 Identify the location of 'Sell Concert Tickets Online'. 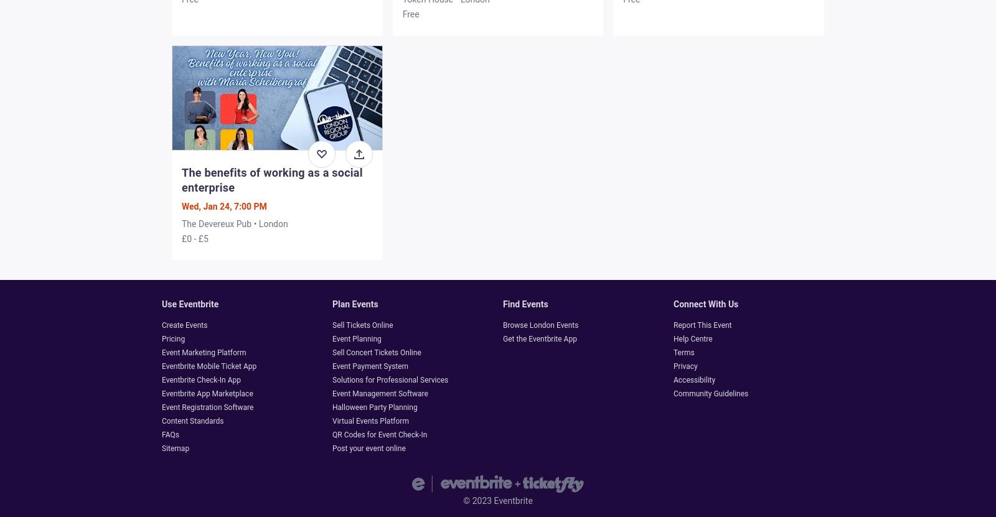
(331, 352).